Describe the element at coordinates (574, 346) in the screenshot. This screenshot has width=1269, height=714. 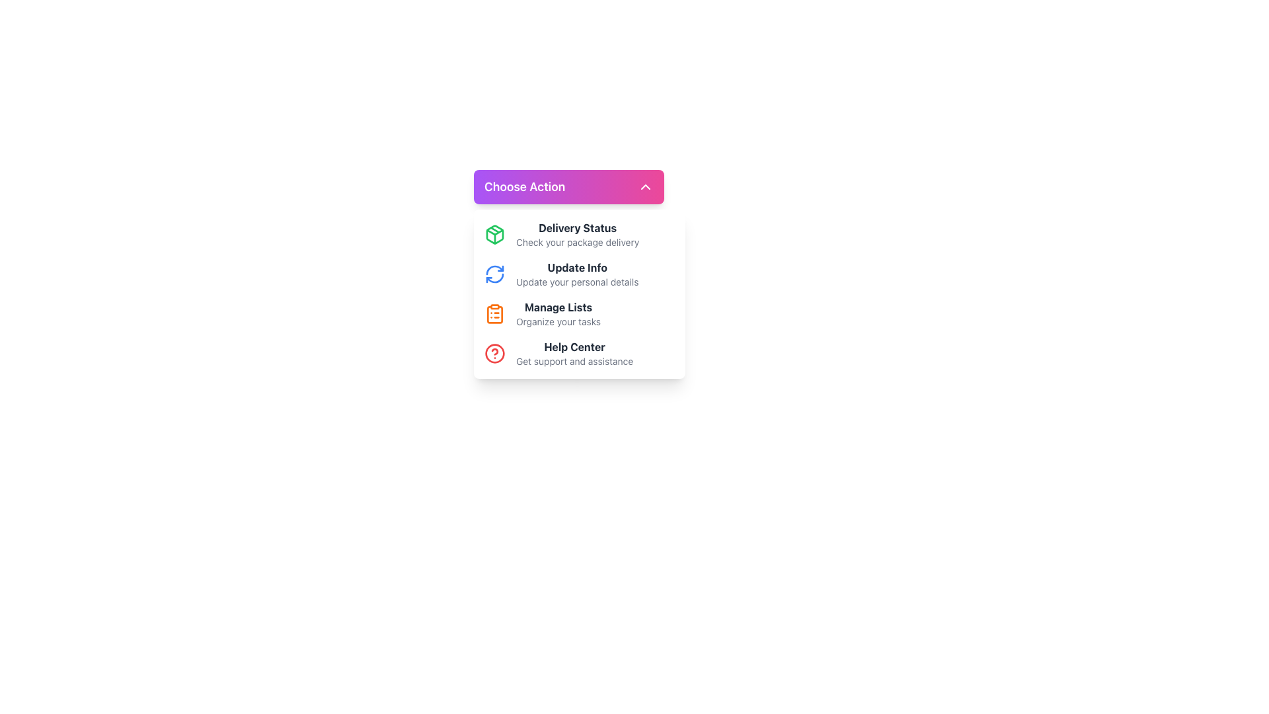
I see `text label that serves as a title or category header within the dropdown menu for support and assistance, located at the bottom of the menu` at that location.